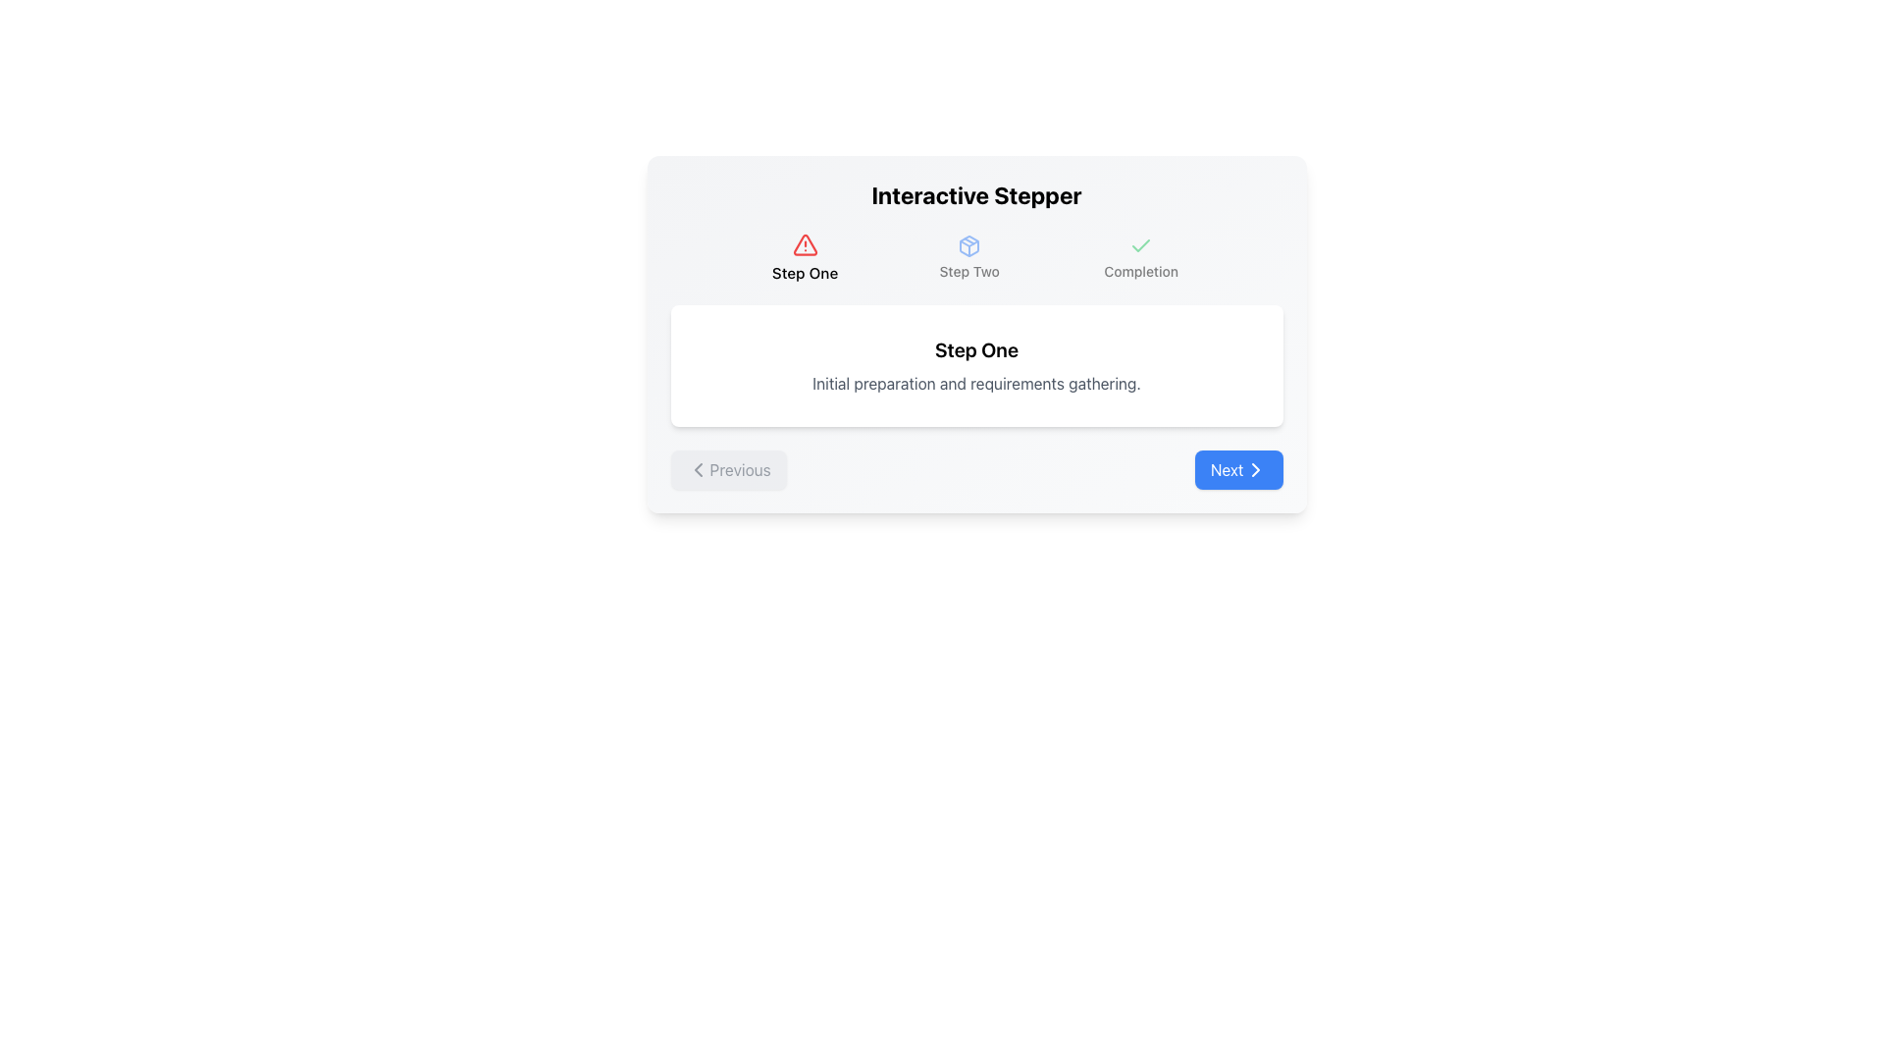 Image resolution: width=1884 pixels, height=1060 pixels. Describe the element at coordinates (1141, 272) in the screenshot. I see `the 'Completion' text label, which is styled with a small font size and medium weight, indicating the third step in a stepper interface, positioned under a checkmark icon` at that location.